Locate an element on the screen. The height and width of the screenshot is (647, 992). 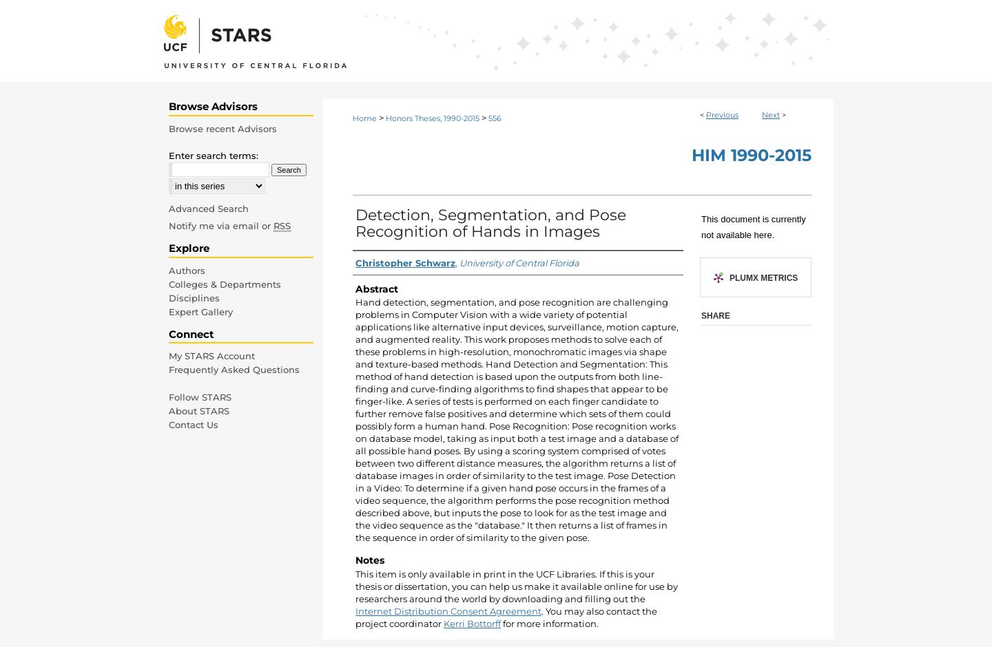
'This item is only available in print in the UCF Libraries. If this is your thesis or dissertation, you can help us make it available online for use by researchers around the world by downloading and filling out the' is located at coordinates (354, 584).